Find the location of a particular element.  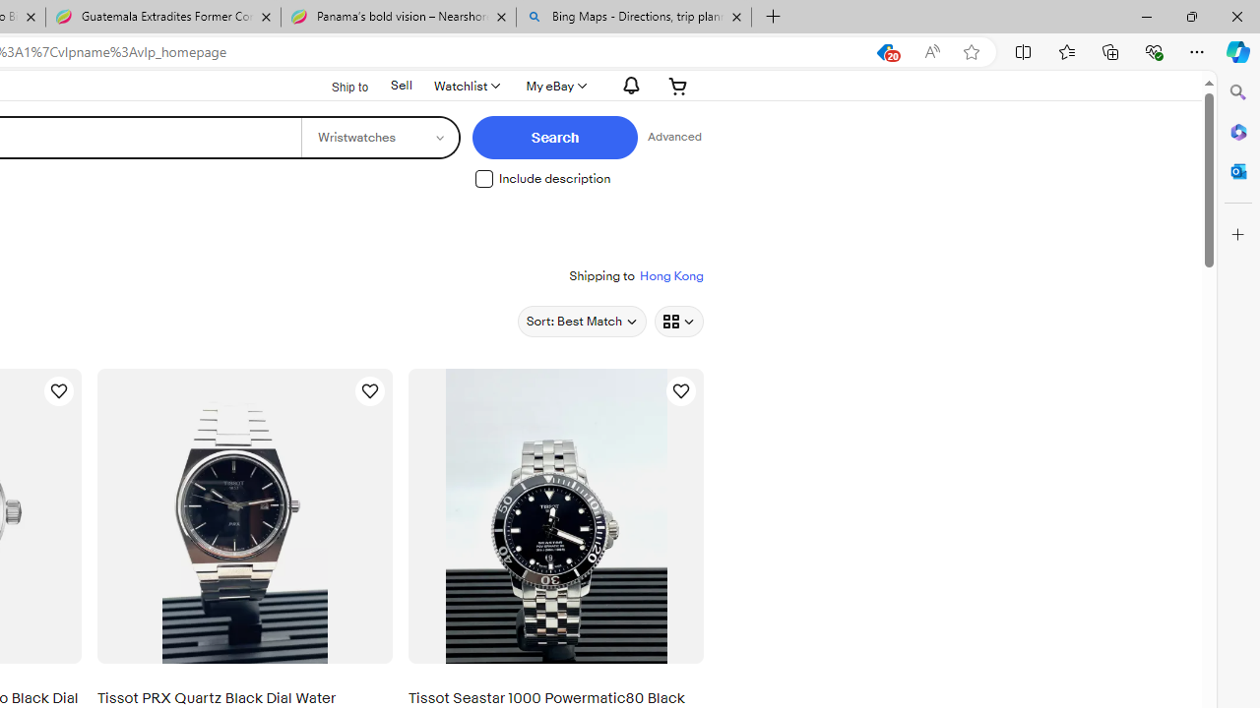

'My eBay' is located at coordinates (554, 85).